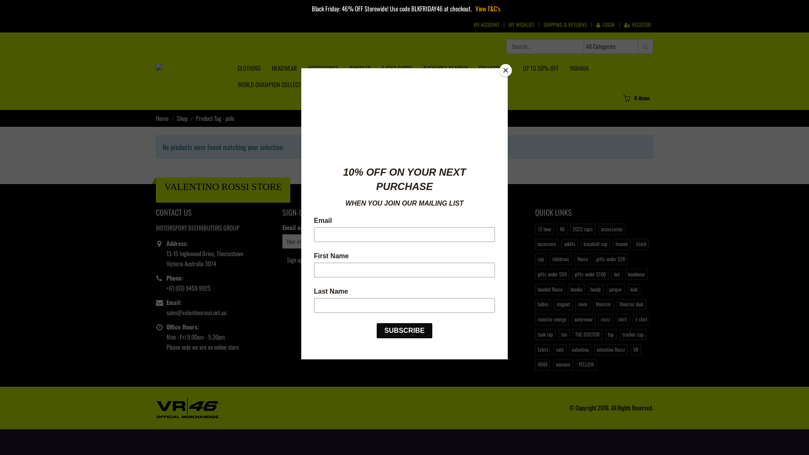 Image resolution: width=809 pixels, height=455 pixels. Describe the element at coordinates (162, 118) in the screenshot. I see `'Home'` at that location.